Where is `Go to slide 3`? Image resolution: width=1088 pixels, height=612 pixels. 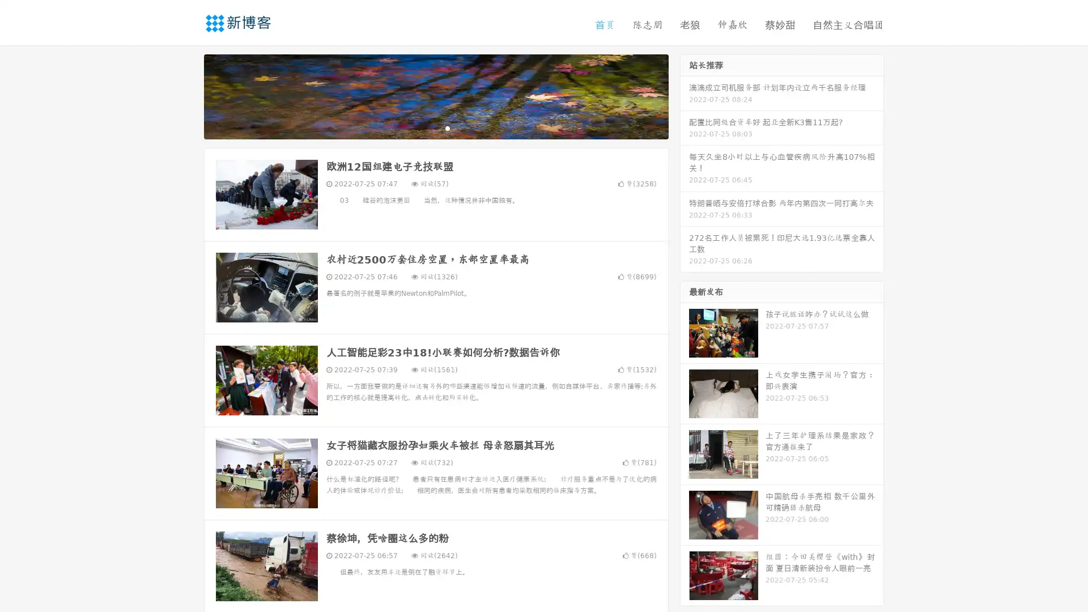
Go to slide 3 is located at coordinates (447, 127).